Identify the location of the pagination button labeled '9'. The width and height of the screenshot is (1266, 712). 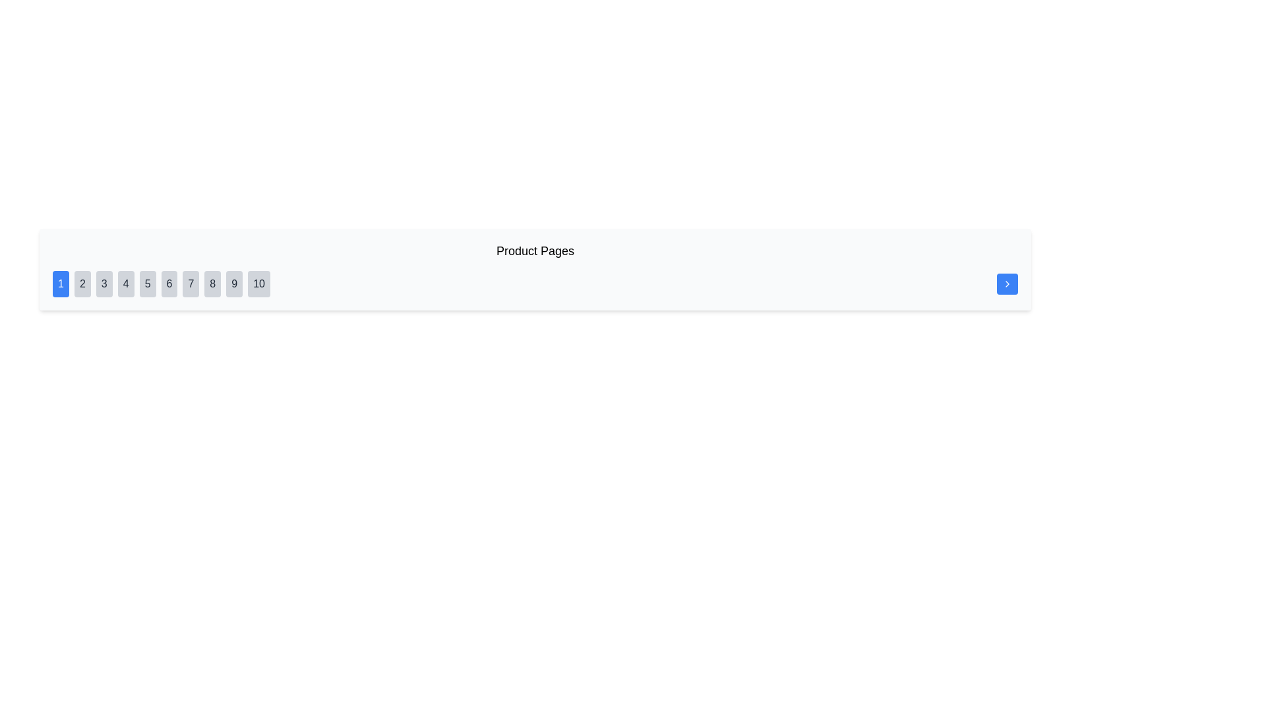
(234, 283).